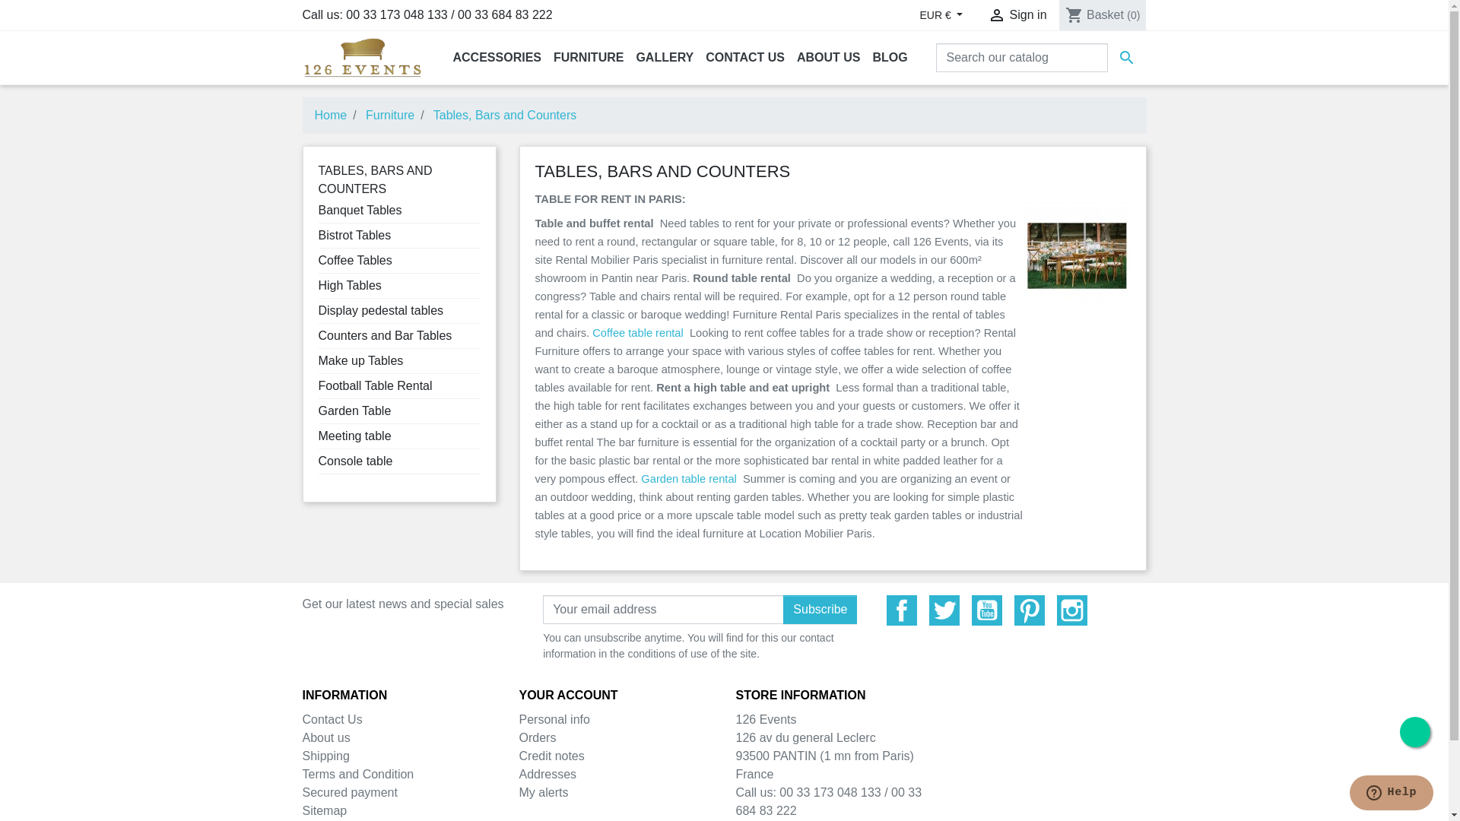 This screenshot has height=821, width=1460. Describe the element at coordinates (353, 235) in the screenshot. I see `'Bistrot Tables'` at that location.